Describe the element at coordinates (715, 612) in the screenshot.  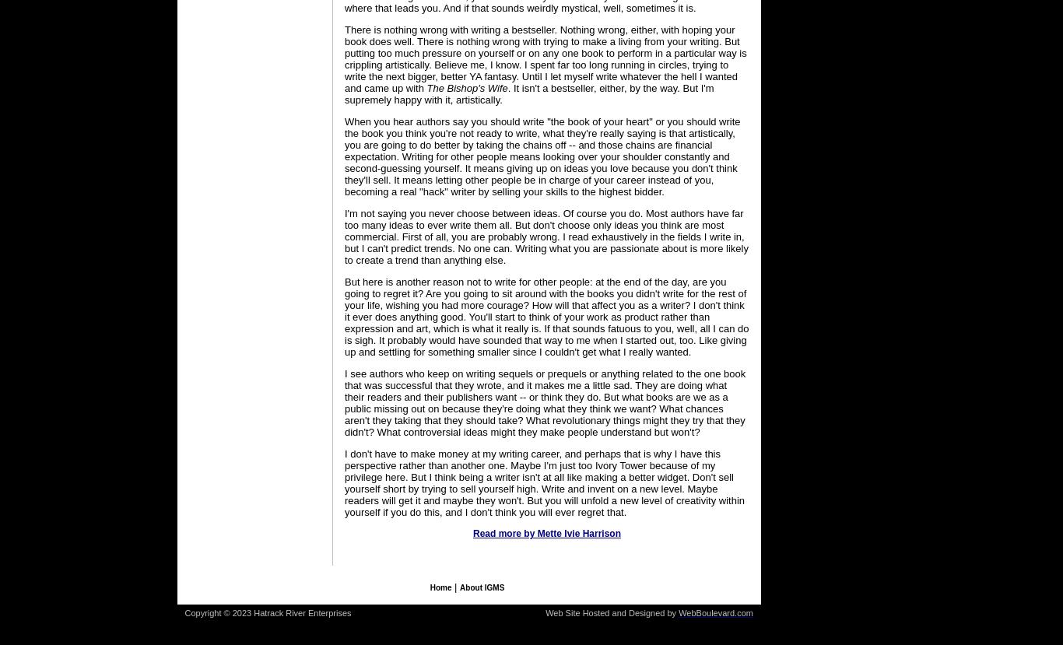
I see `'WebBoulevard.com'` at that location.